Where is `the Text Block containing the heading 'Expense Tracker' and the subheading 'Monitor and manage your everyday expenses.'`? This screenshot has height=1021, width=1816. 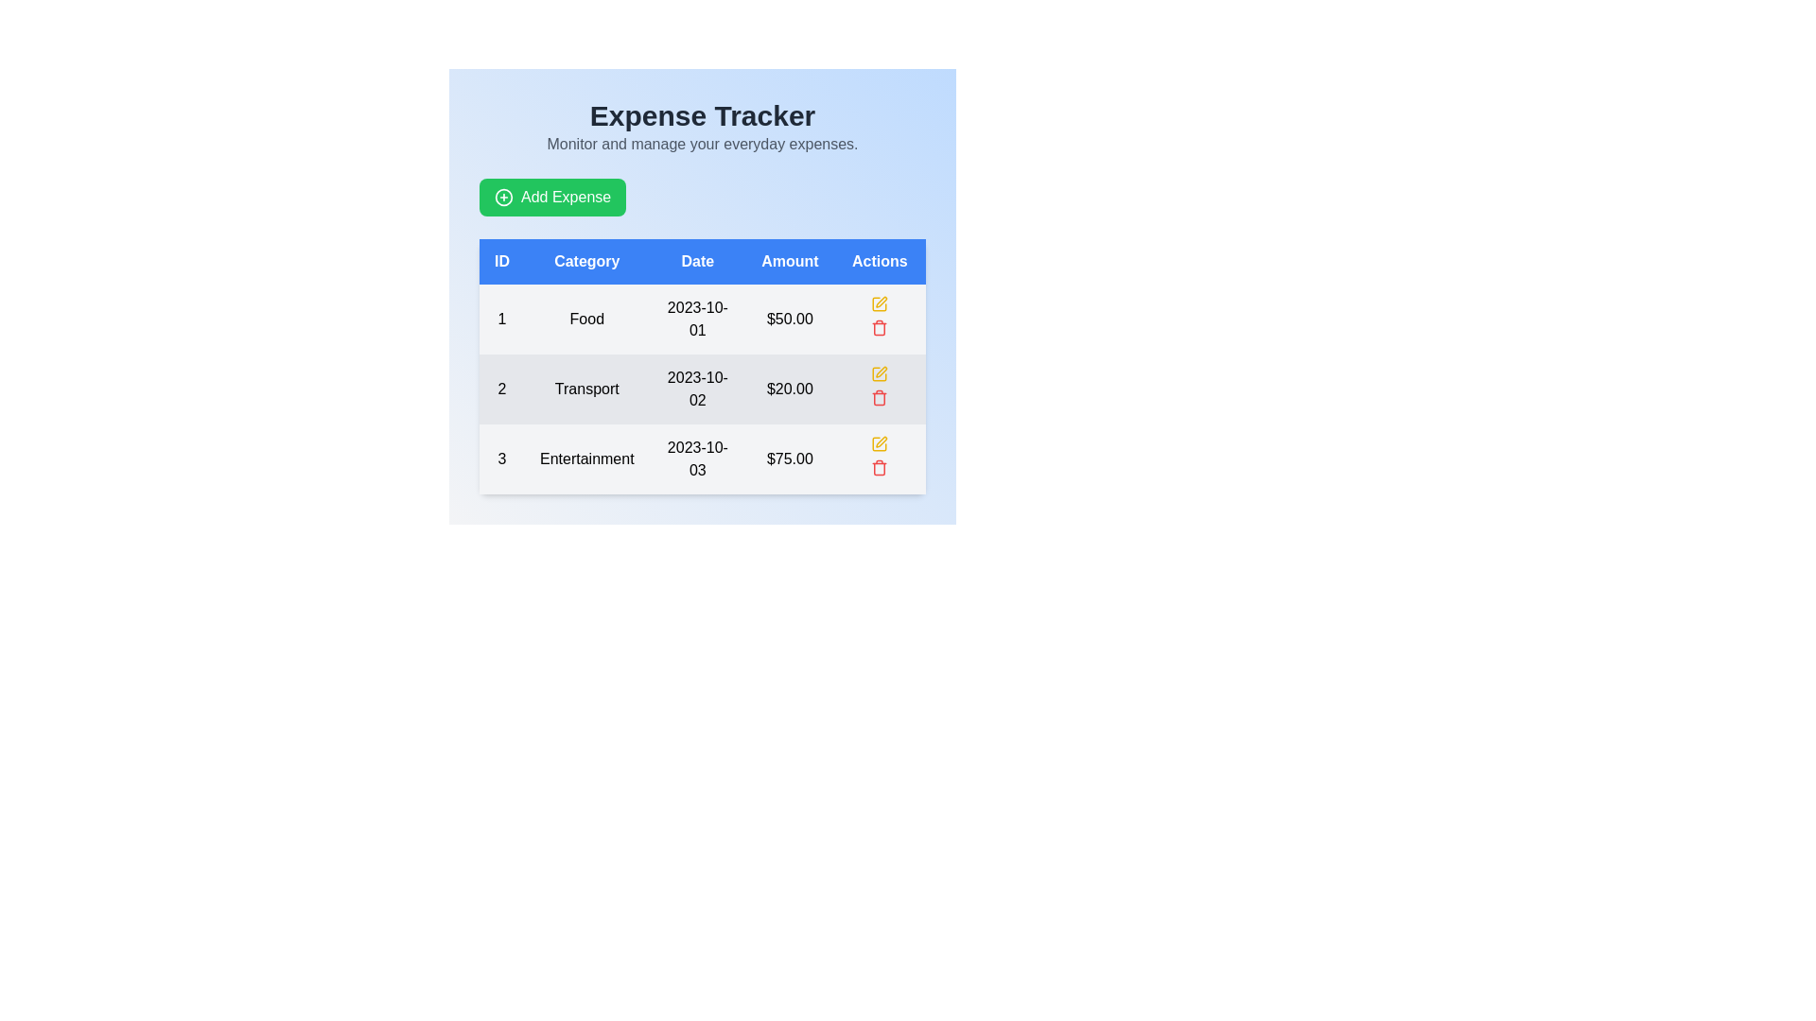
the Text Block containing the heading 'Expense Tracker' and the subheading 'Monitor and manage your everyday expenses.' is located at coordinates (702, 128).